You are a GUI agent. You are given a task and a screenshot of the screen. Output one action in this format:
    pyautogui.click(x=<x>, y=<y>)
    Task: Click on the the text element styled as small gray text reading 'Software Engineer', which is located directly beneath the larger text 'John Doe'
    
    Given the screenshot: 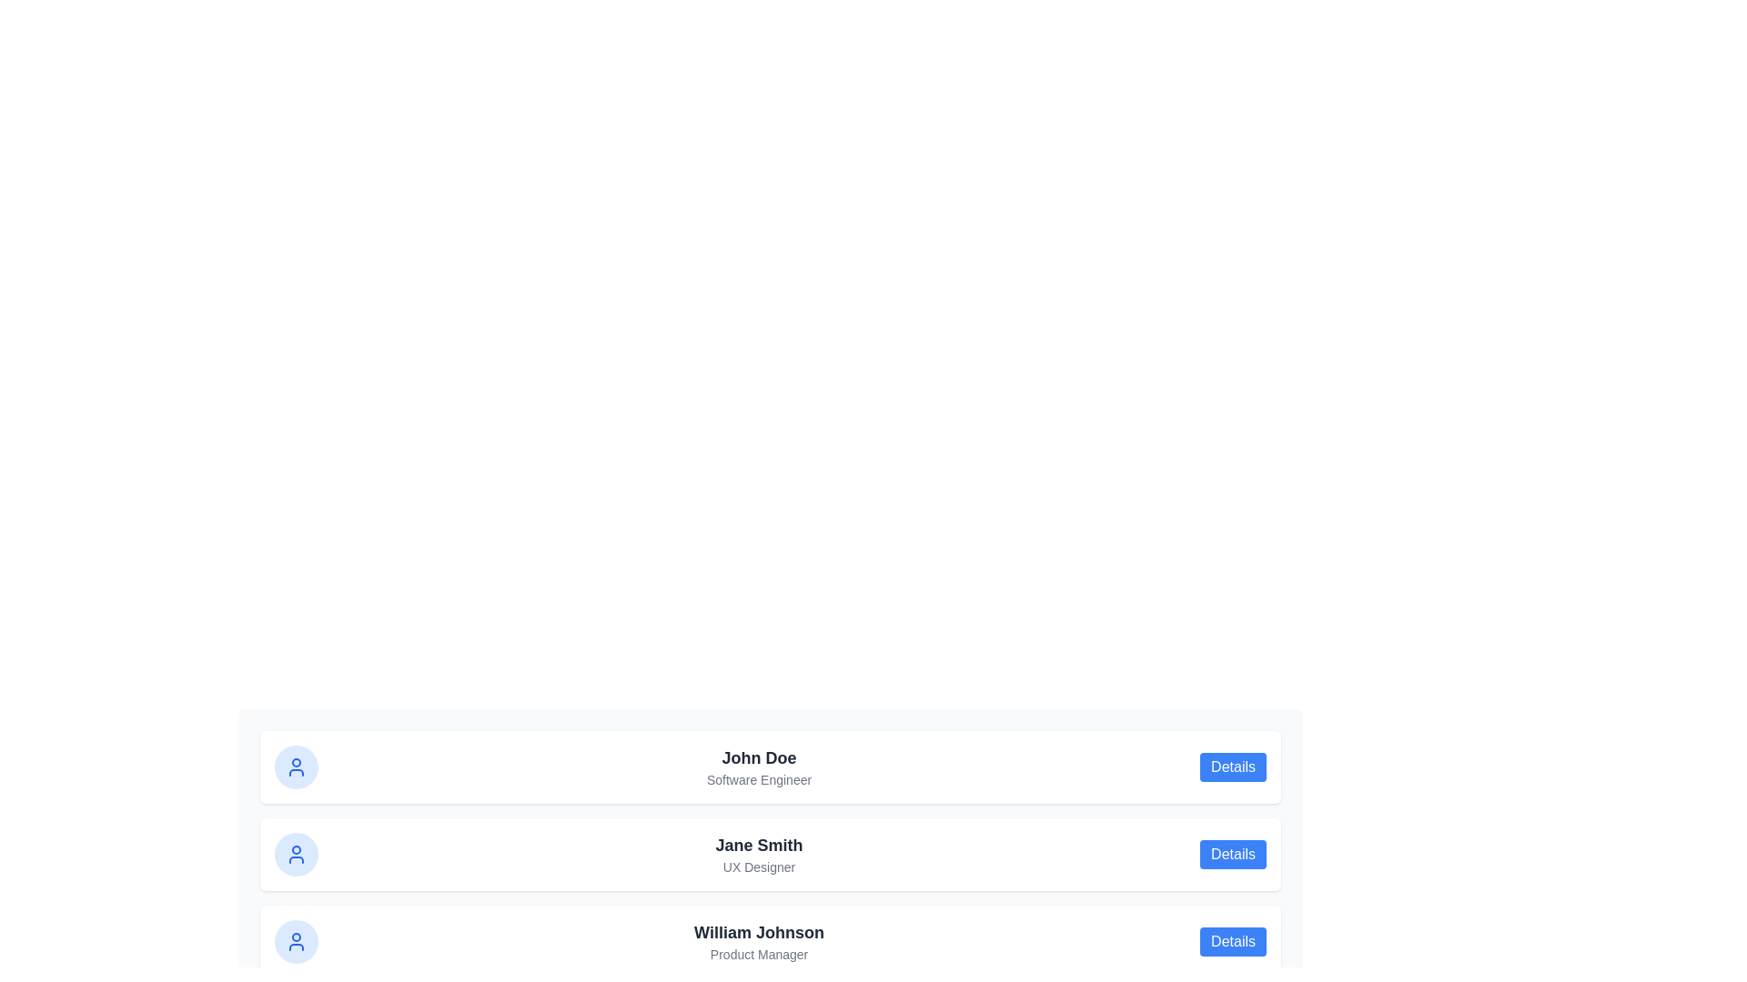 What is the action you would take?
    pyautogui.click(x=759, y=778)
    